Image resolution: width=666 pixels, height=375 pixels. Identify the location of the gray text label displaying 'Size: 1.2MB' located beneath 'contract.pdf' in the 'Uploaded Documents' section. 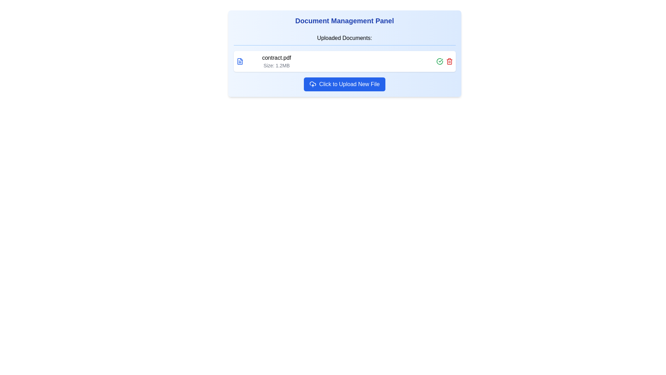
(276, 66).